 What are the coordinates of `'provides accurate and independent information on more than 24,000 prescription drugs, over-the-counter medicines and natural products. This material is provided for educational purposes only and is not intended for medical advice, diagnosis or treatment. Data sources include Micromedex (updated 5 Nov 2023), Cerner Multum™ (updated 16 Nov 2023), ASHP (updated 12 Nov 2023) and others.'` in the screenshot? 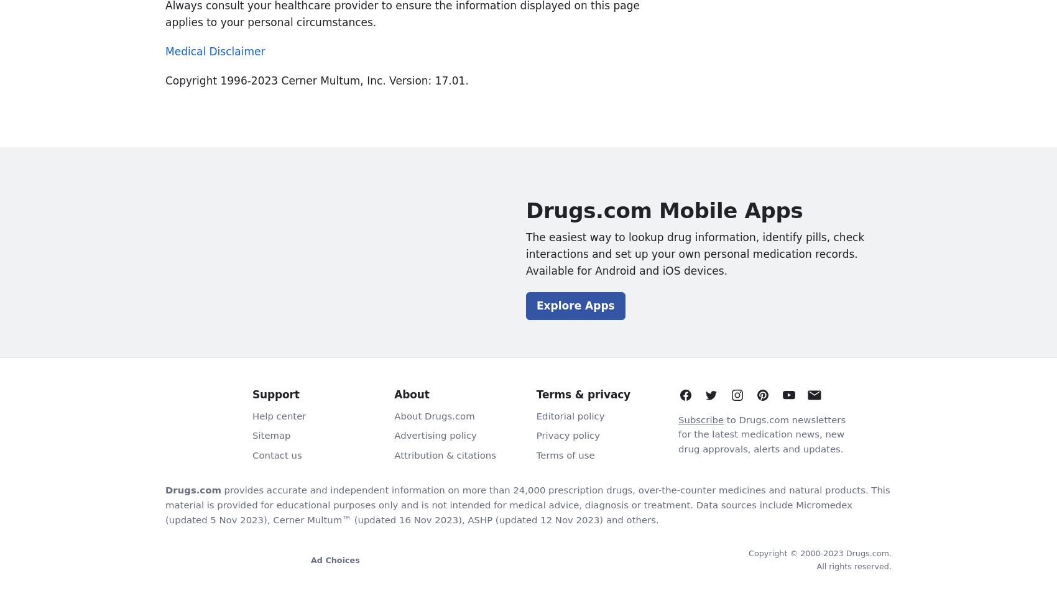 It's located at (527, 505).